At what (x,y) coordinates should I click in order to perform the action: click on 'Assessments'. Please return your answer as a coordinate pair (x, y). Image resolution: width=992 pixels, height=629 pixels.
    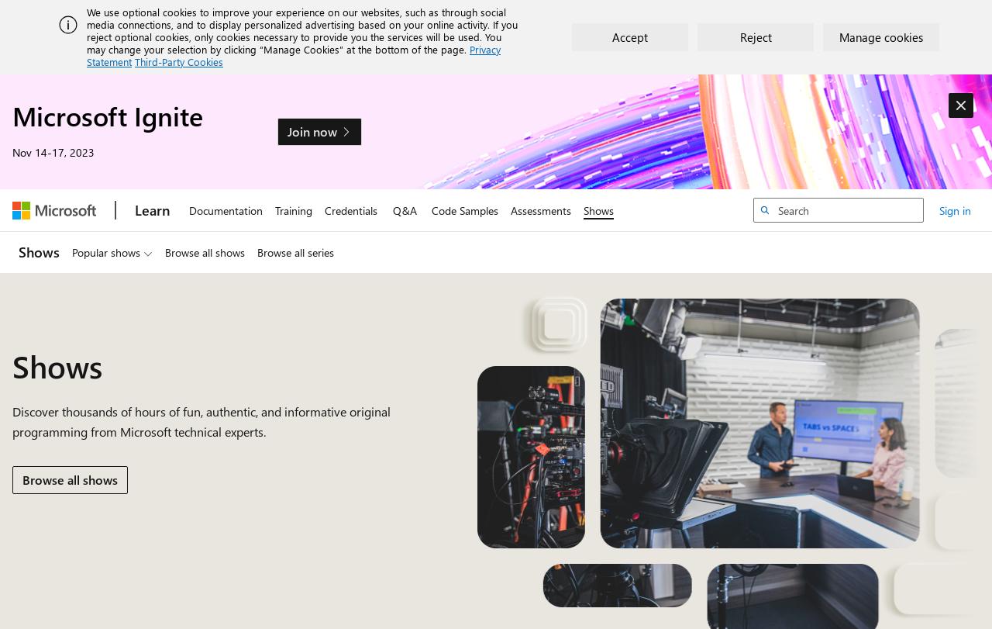
    Looking at the image, I should click on (540, 209).